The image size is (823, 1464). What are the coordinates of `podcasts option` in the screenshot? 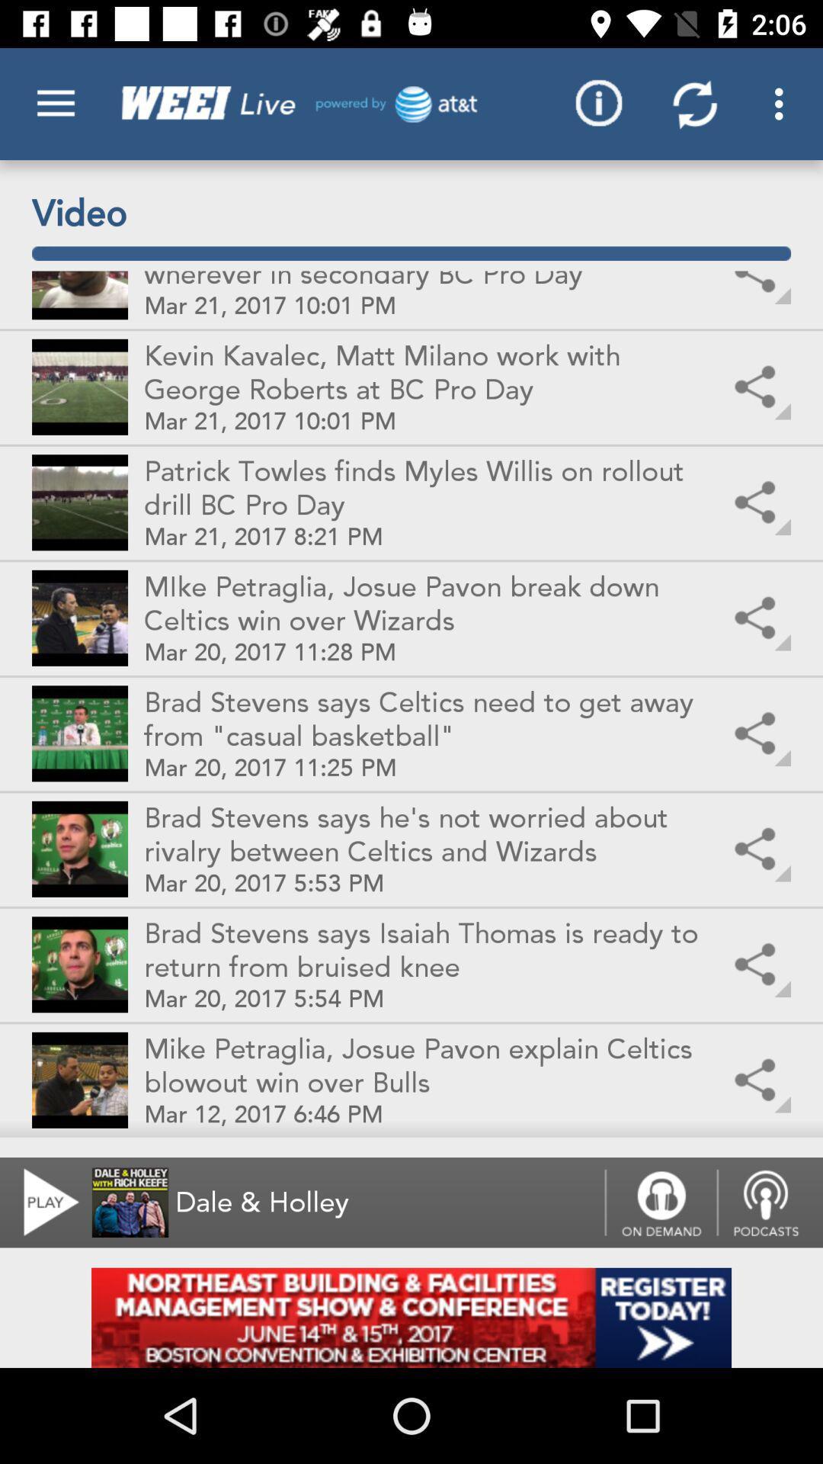 It's located at (770, 1202).